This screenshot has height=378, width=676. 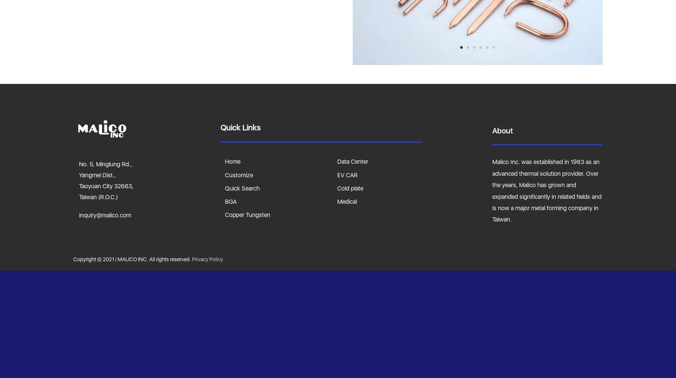 What do you see at coordinates (96, 175) in the screenshot?
I see `'Yangmei Dist.,'` at bounding box center [96, 175].